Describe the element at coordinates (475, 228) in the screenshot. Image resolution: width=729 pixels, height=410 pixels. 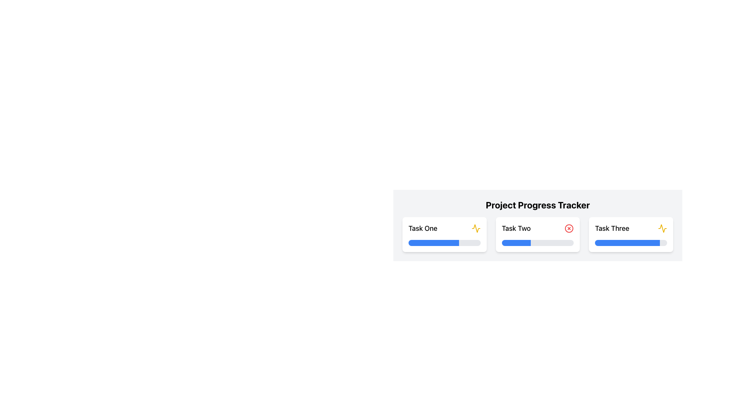
I see `the SVG icon representing activity or progress associated with 'Task One', located to the right of the 'Task One' text` at that location.